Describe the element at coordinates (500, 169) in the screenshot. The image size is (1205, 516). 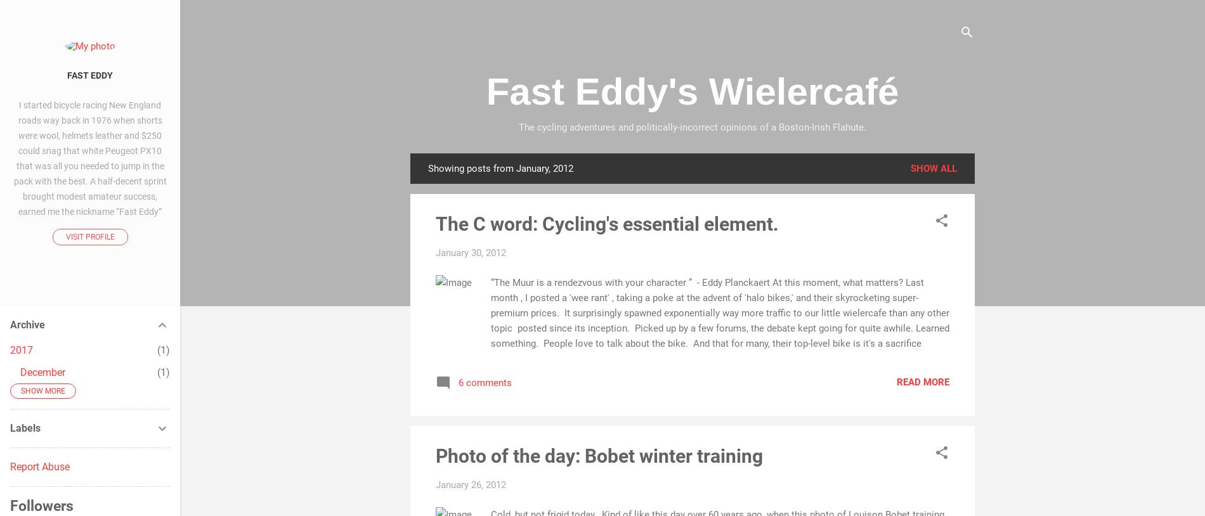
I see `'Showing posts from January, 2012'` at that location.